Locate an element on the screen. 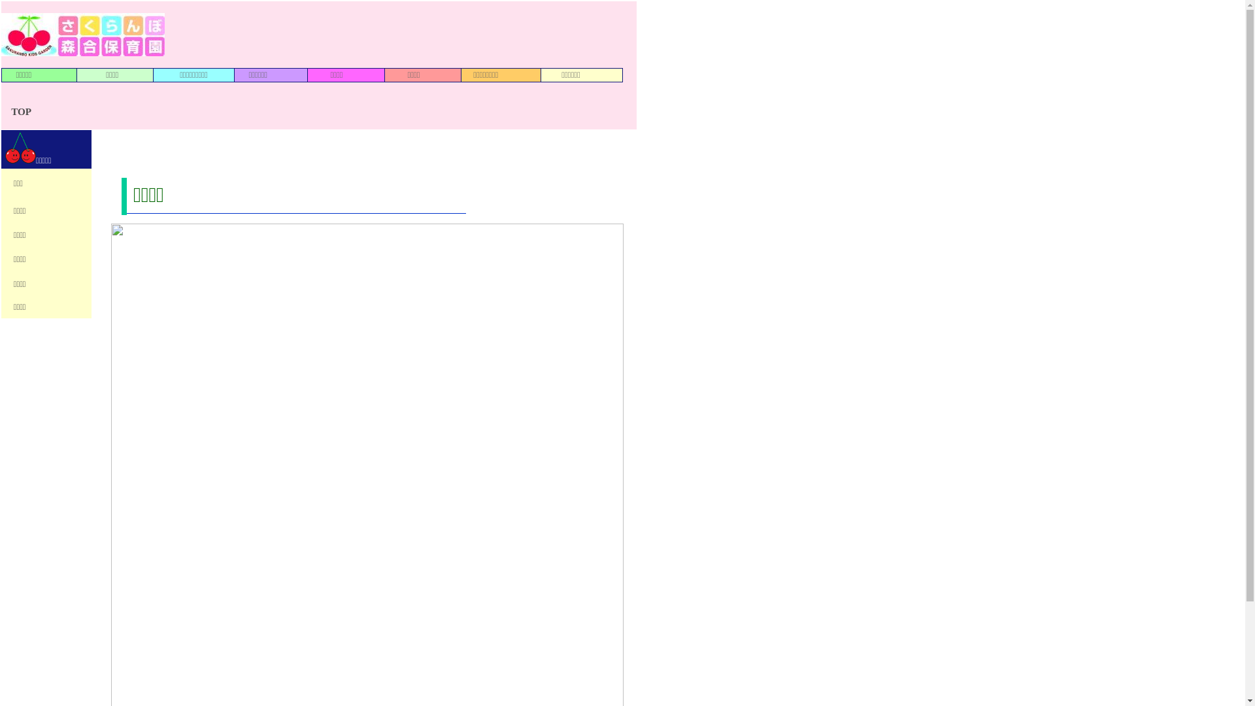  'TOP' is located at coordinates (21, 110).